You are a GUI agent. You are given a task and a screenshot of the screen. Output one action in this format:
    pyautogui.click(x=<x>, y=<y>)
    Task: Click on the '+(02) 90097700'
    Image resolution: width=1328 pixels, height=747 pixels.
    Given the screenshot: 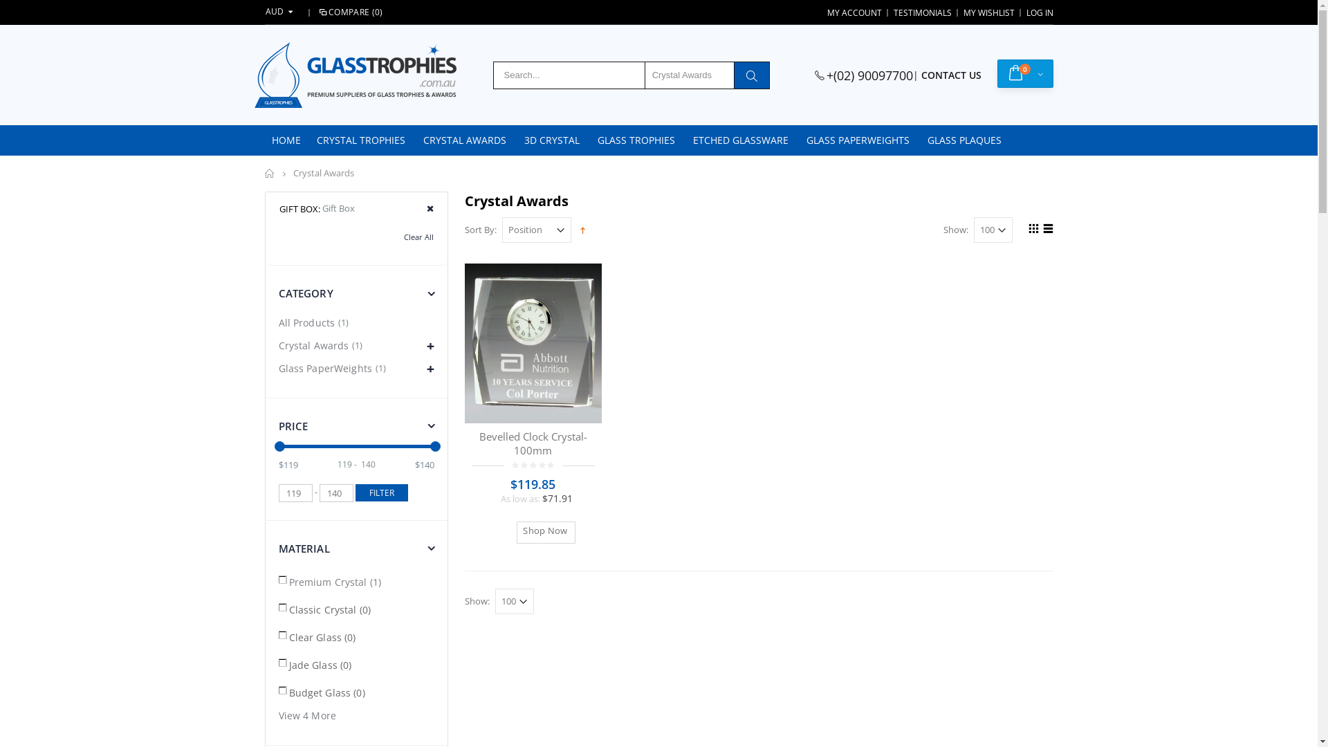 What is the action you would take?
    pyautogui.click(x=868, y=75)
    